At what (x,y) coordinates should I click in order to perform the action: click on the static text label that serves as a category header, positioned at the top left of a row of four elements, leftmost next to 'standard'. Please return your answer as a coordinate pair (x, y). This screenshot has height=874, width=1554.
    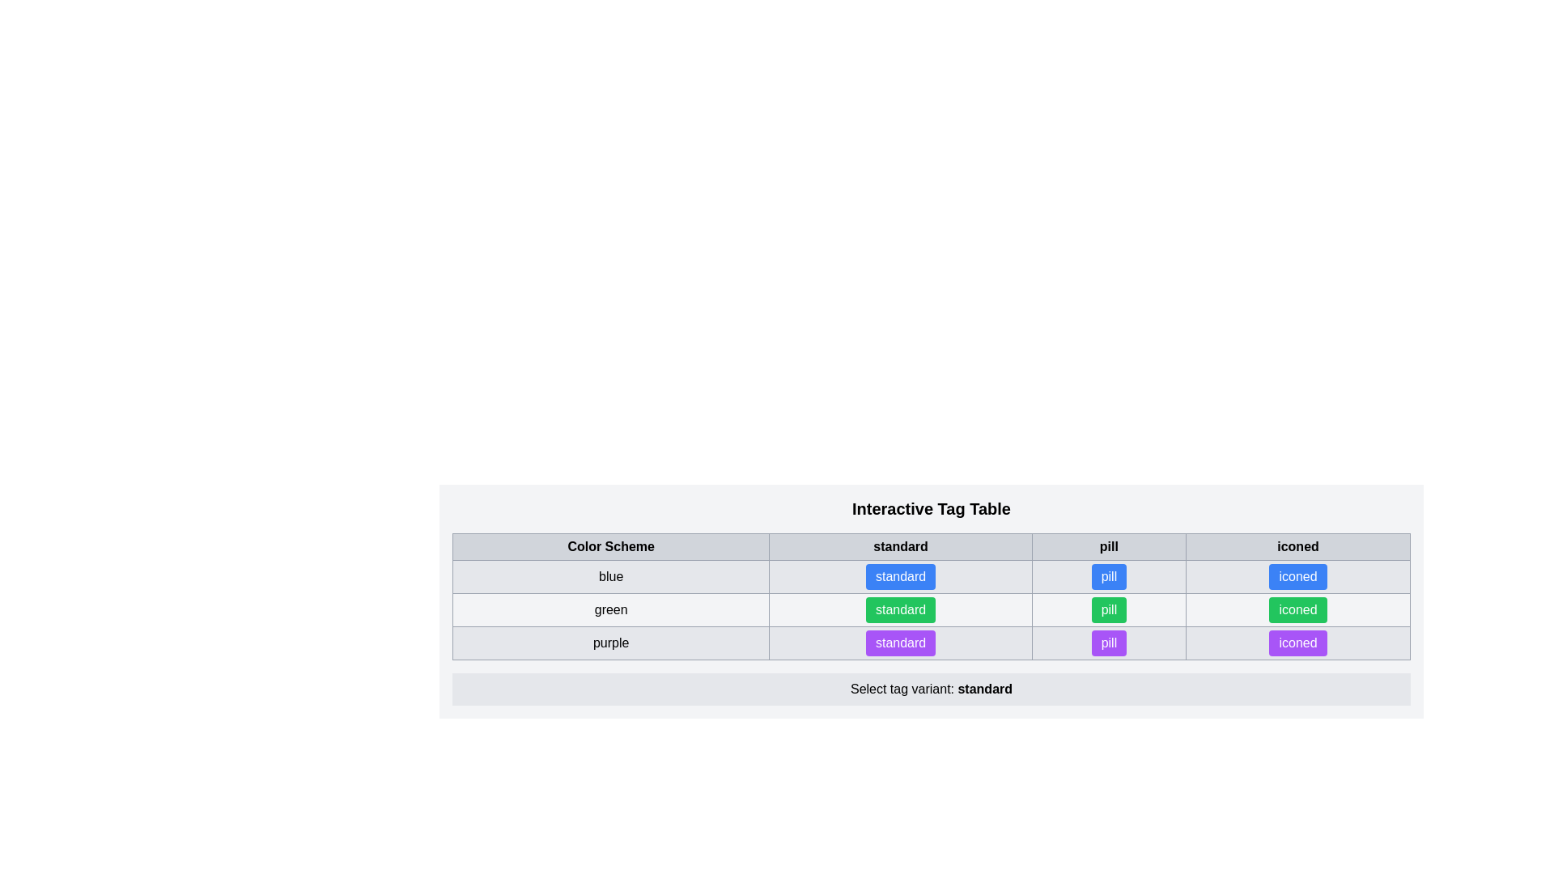
    Looking at the image, I should click on (610, 546).